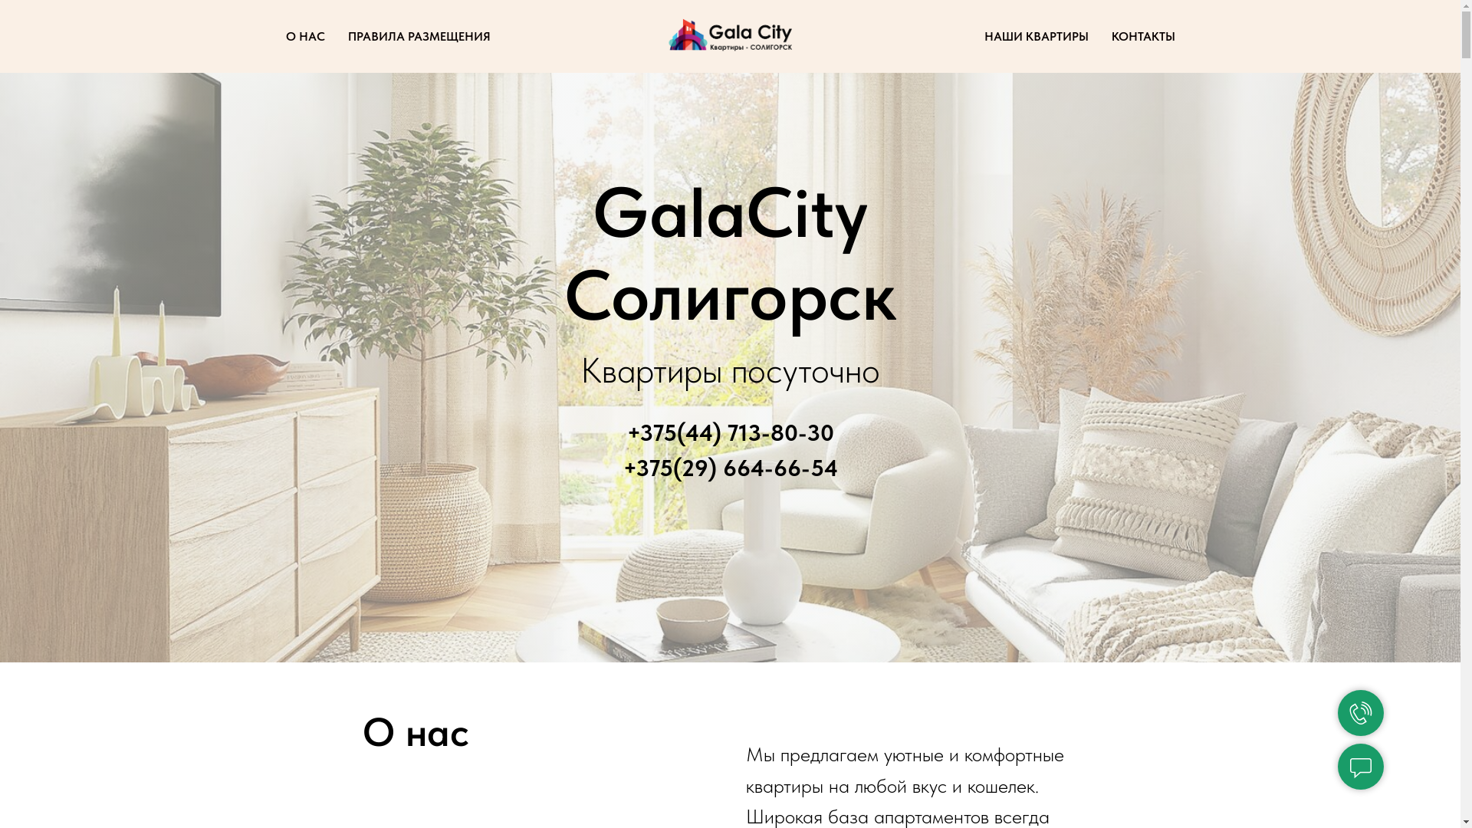  What do you see at coordinates (728, 466) in the screenshot?
I see `'+375(29) 664-66-54'` at bounding box center [728, 466].